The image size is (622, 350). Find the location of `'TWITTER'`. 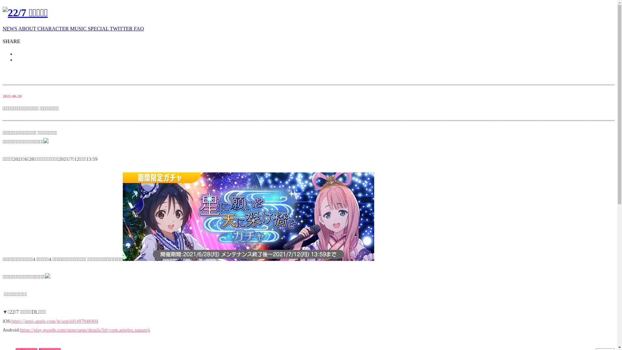

'TWITTER' is located at coordinates (121, 28).